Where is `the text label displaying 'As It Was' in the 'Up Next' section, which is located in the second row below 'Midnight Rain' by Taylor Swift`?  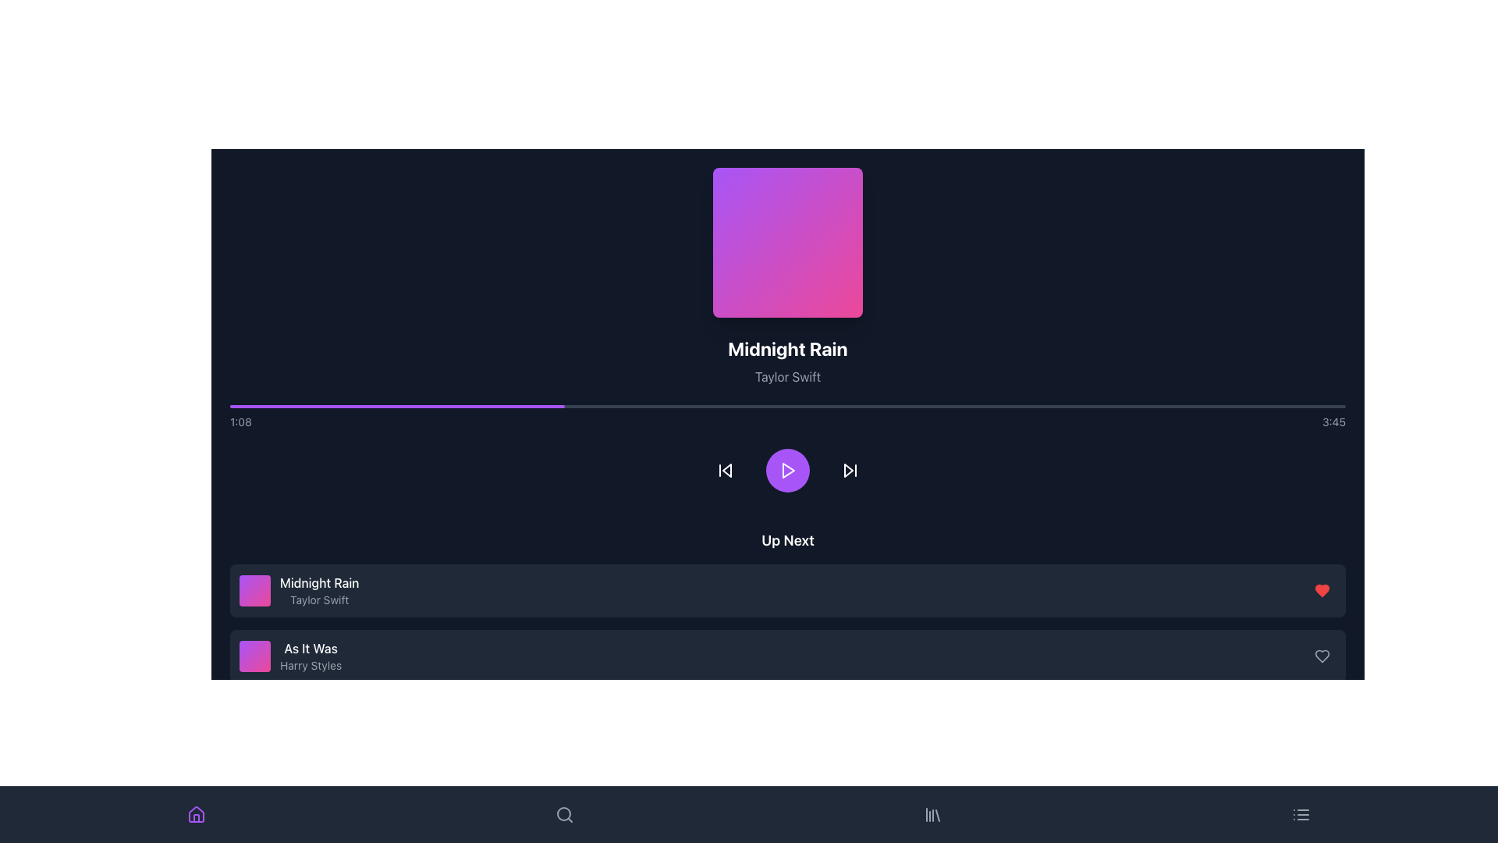 the text label displaying 'As It Was' in the 'Up Next' section, which is located in the second row below 'Midnight Rain' by Taylor Swift is located at coordinates (311, 648).